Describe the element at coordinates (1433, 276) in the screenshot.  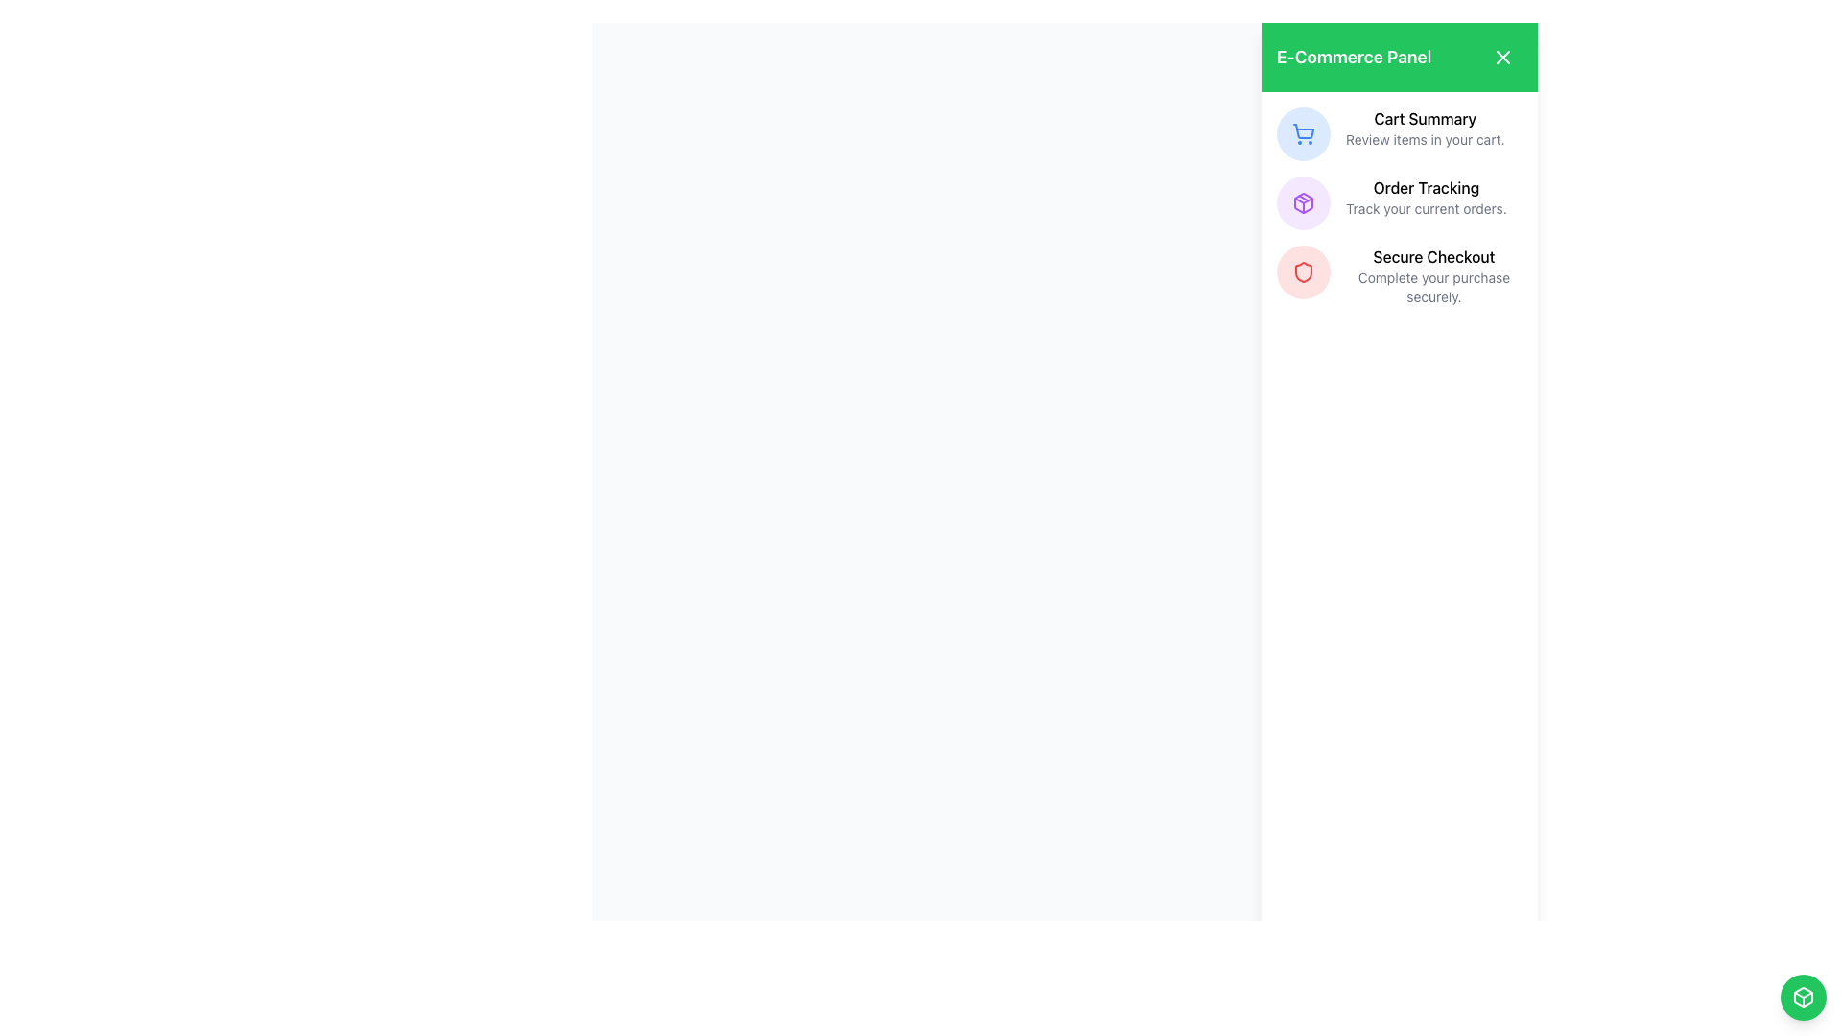
I see `the Textblock with a header and description located in the 'E-Commerce Panel', positioned between 'Order Tracking' and the next section` at that location.